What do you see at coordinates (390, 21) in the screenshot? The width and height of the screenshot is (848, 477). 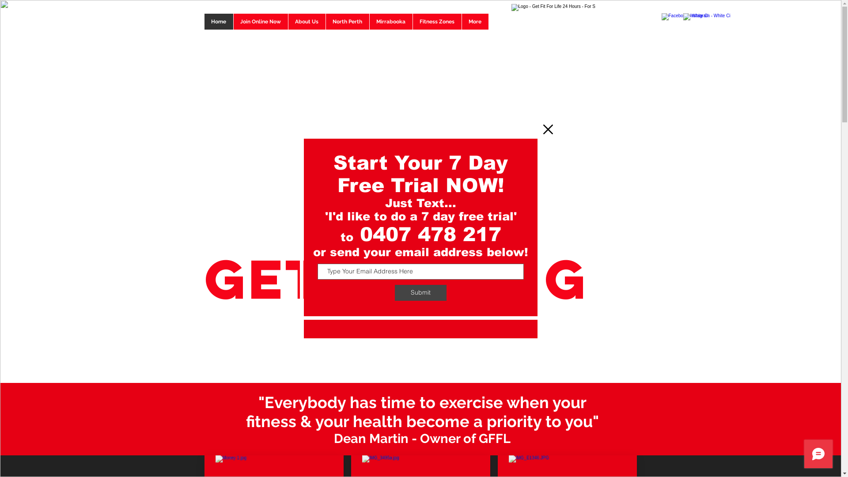 I see `'Mirrabooka'` at bounding box center [390, 21].